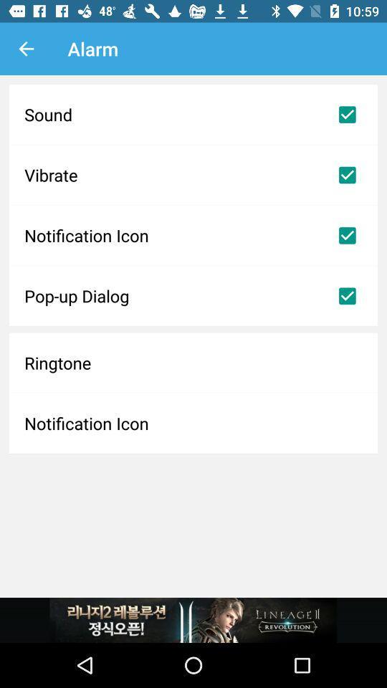 The image size is (387, 688). Describe the element at coordinates (193, 295) in the screenshot. I see `the pop-up dialog item` at that location.